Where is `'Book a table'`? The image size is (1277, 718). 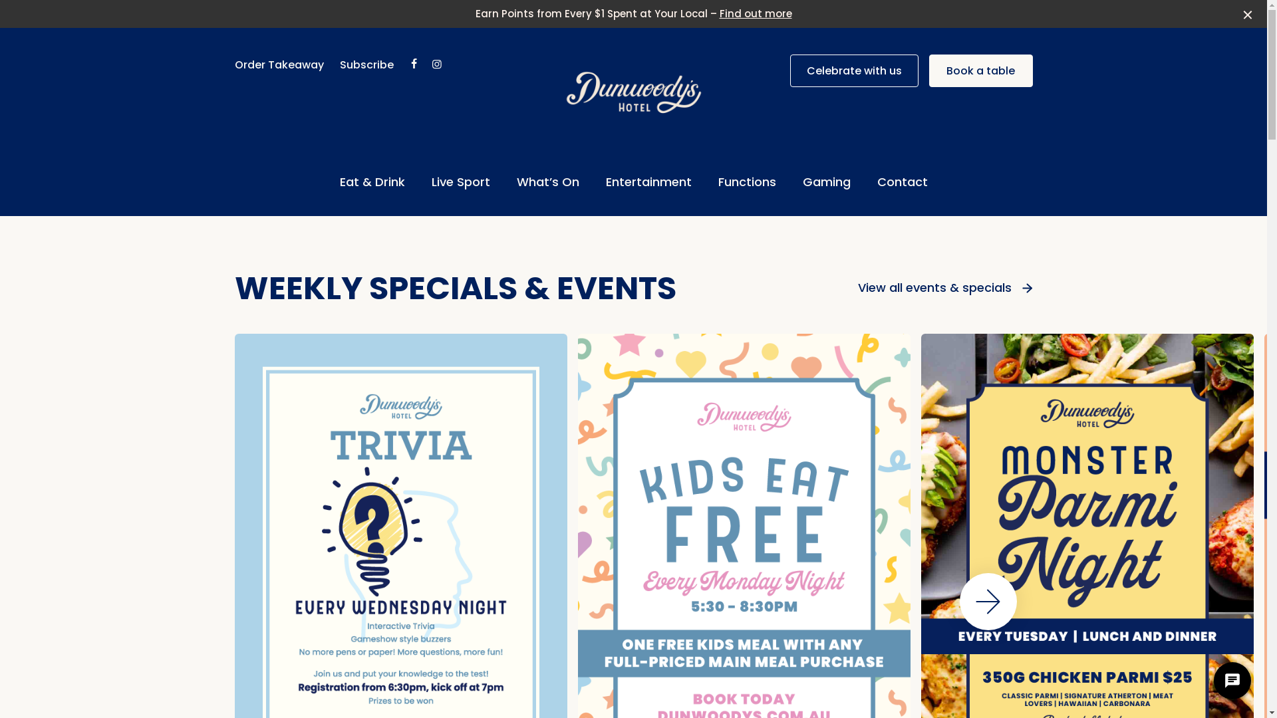 'Book a table' is located at coordinates (980, 70).